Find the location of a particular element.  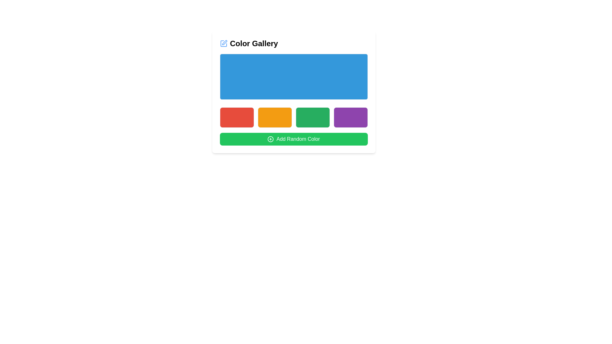

the Display Area element with a light blue background and rounded corners located beneath the 'Color Gallery' title is located at coordinates (293, 76).